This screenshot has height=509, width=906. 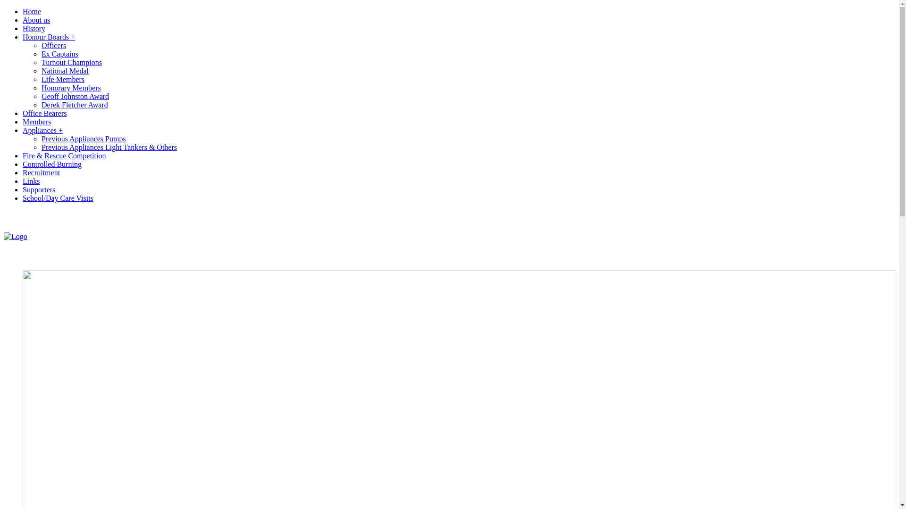 What do you see at coordinates (109, 147) in the screenshot?
I see `'Previous Appliances Light Tankers & Others'` at bounding box center [109, 147].